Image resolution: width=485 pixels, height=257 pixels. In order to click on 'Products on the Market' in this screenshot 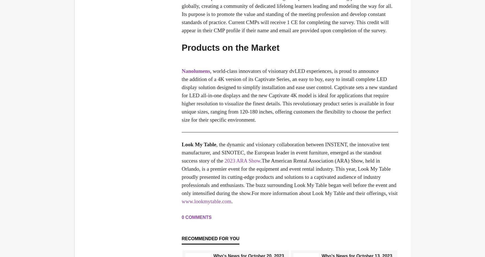, I will do `click(230, 47)`.